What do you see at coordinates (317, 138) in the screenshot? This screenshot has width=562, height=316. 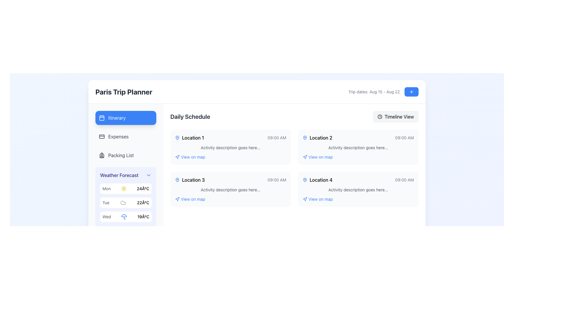 I see `text from the label identifying a specific location or destination located in the second card of the 'Daily Schedule' section, positioned below 'Location 1' and between the map pin icon and '09:00 AM'` at bounding box center [317, 138].